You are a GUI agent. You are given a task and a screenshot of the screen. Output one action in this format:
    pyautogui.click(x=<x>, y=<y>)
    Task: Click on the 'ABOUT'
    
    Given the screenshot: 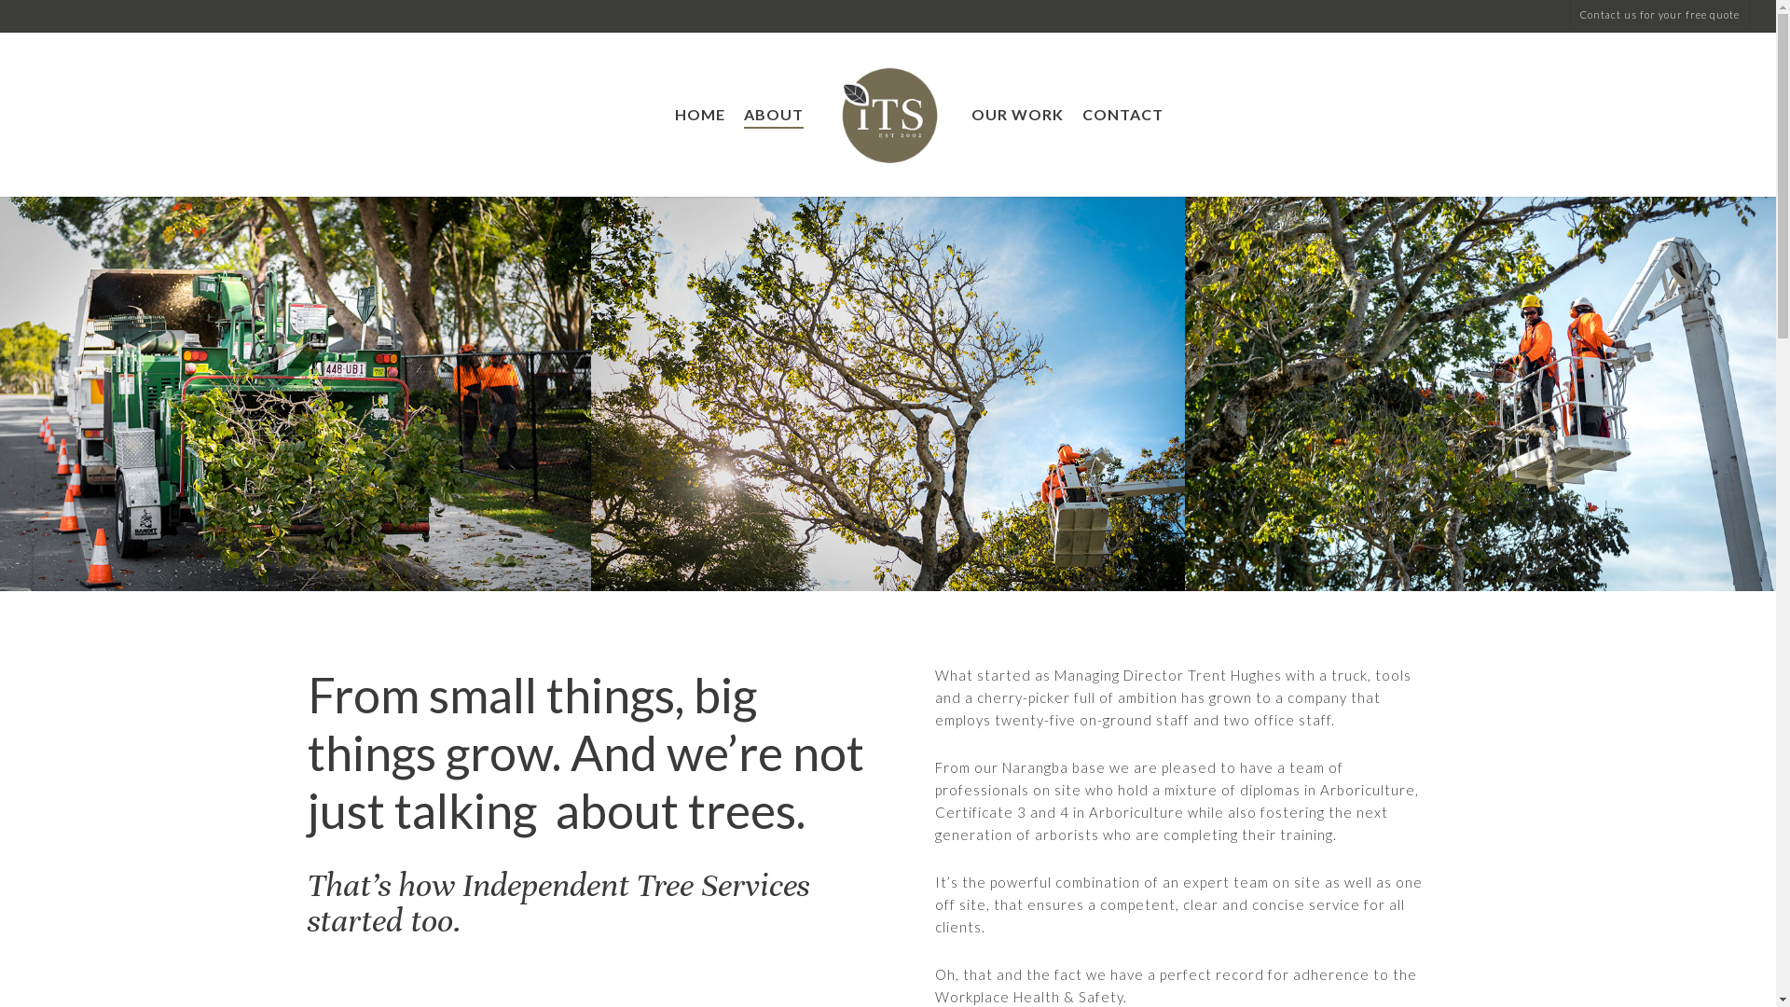 What is the action you would take?
    pyautogui.click(x=774, y=115)
    